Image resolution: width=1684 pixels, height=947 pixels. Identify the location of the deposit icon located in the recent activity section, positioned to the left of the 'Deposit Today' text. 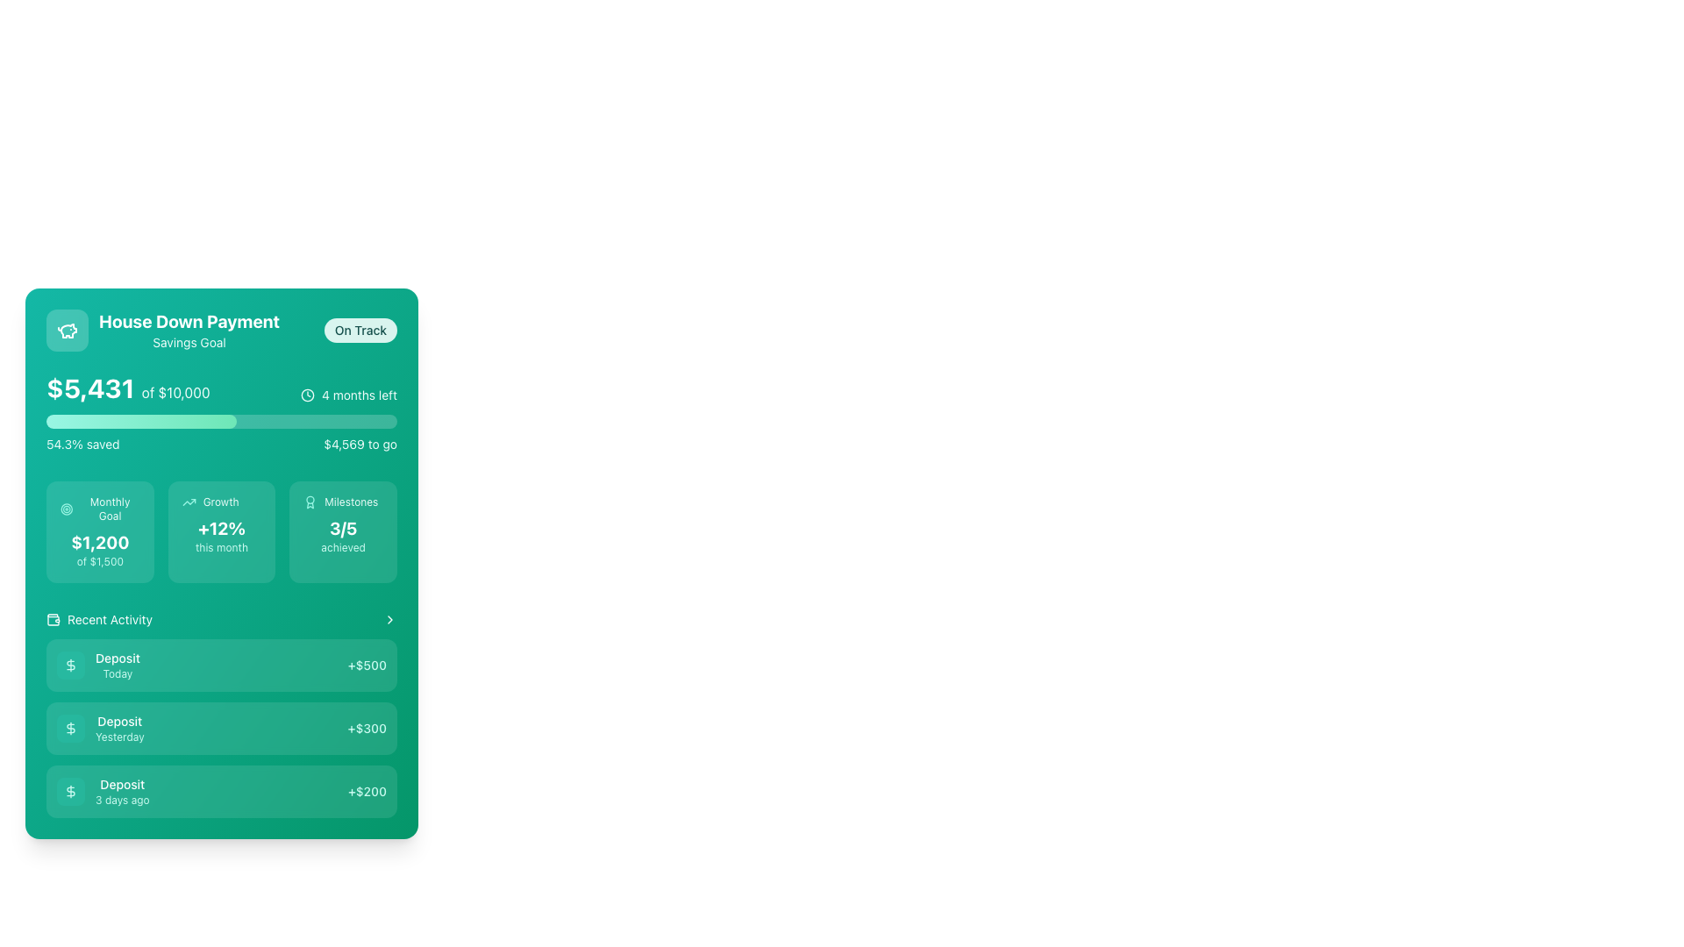
(70, 666).